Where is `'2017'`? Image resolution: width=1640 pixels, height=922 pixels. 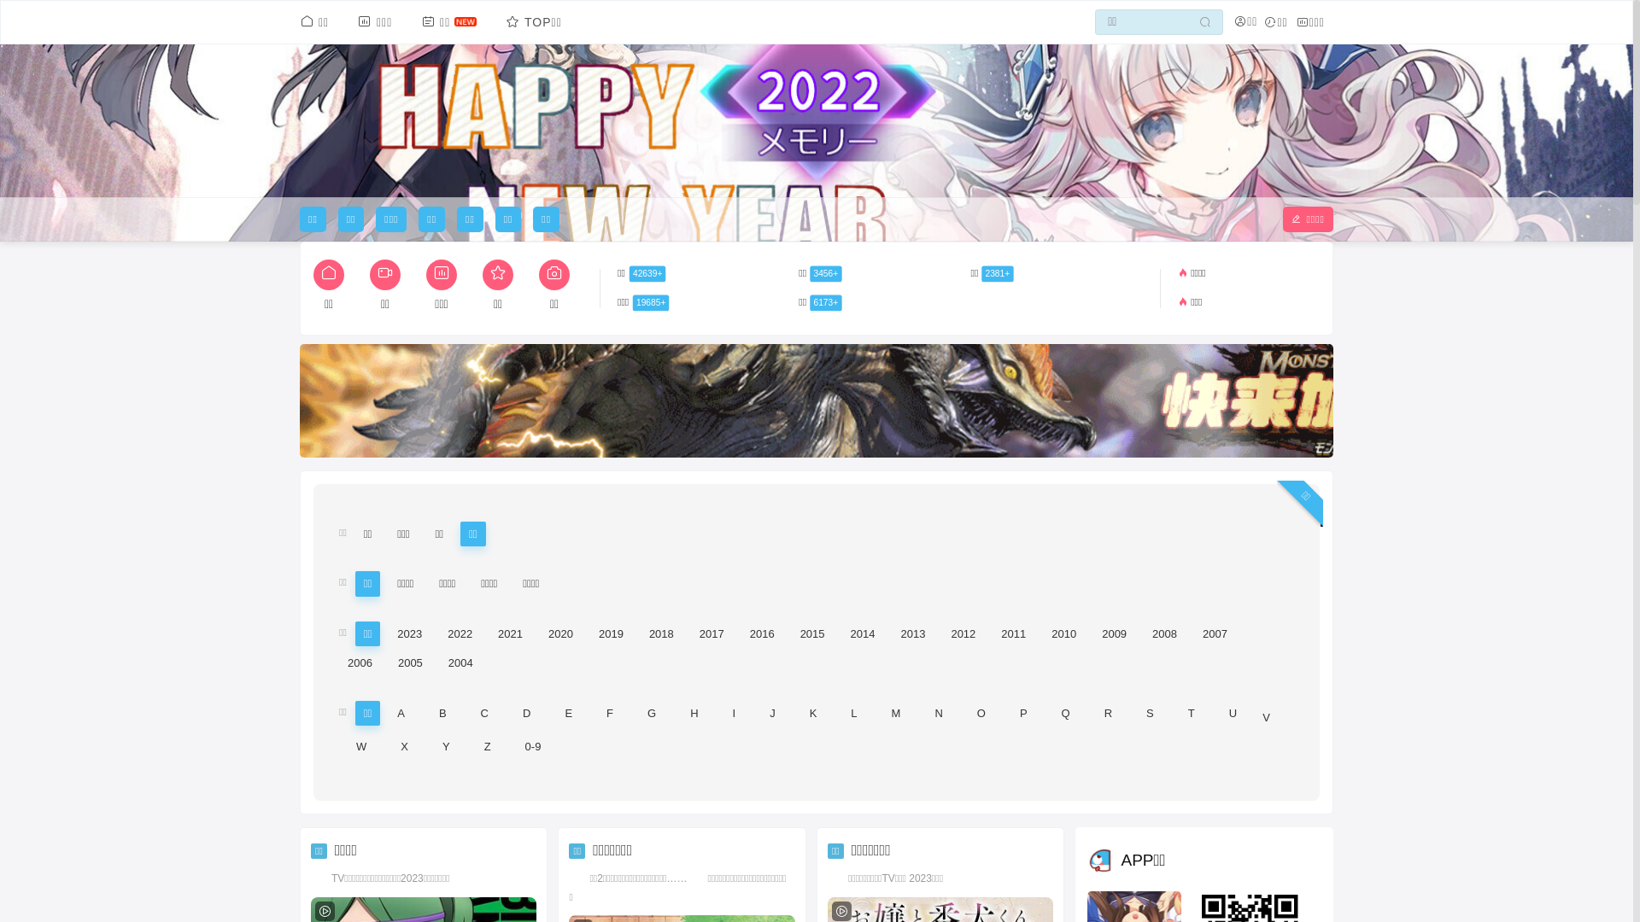 '2017' is located at coordinates (691, 633).